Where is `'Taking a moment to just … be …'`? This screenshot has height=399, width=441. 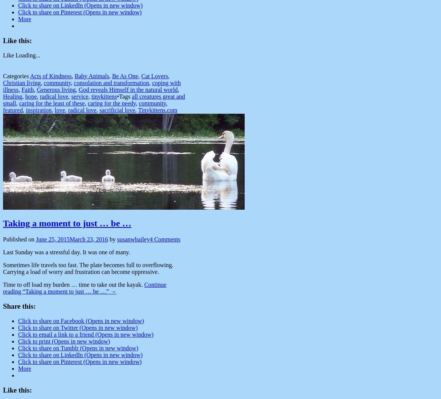
'Taking a moment to just … be …' is located at coordinates (67, 223).